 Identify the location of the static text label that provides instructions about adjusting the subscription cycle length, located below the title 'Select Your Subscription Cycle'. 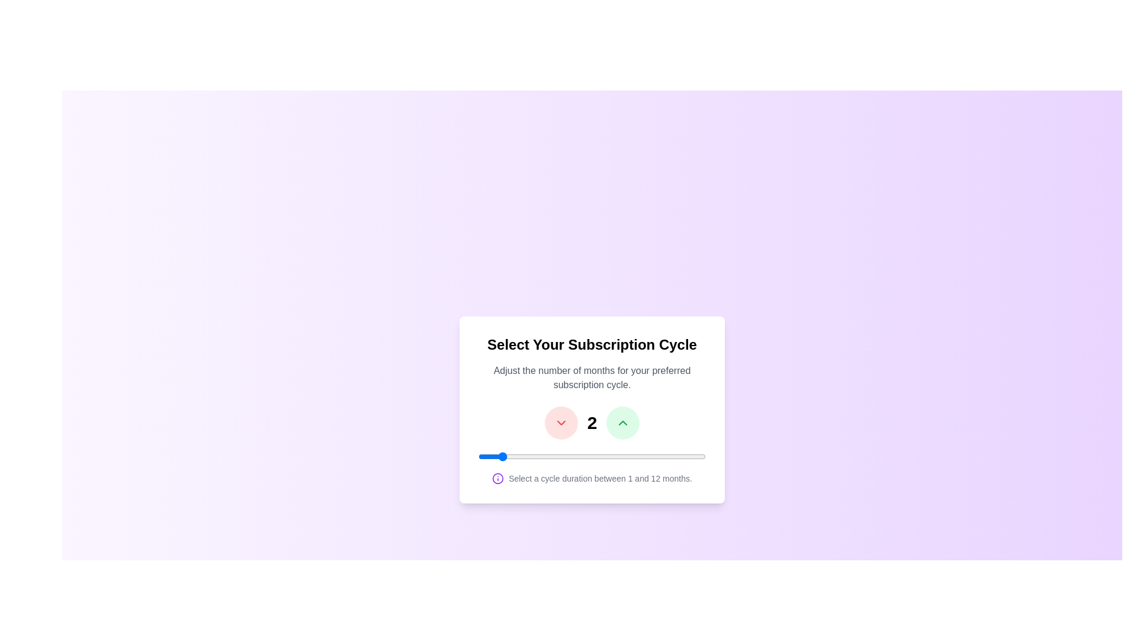
(592, 378).